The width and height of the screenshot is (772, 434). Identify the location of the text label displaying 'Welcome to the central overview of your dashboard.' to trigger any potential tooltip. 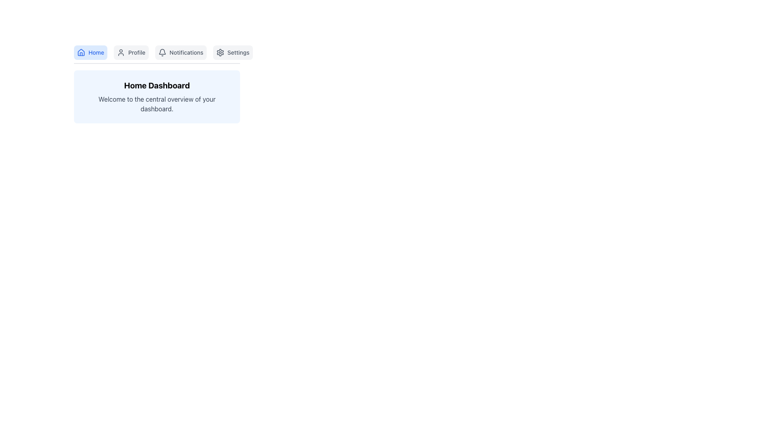
(157, 103).